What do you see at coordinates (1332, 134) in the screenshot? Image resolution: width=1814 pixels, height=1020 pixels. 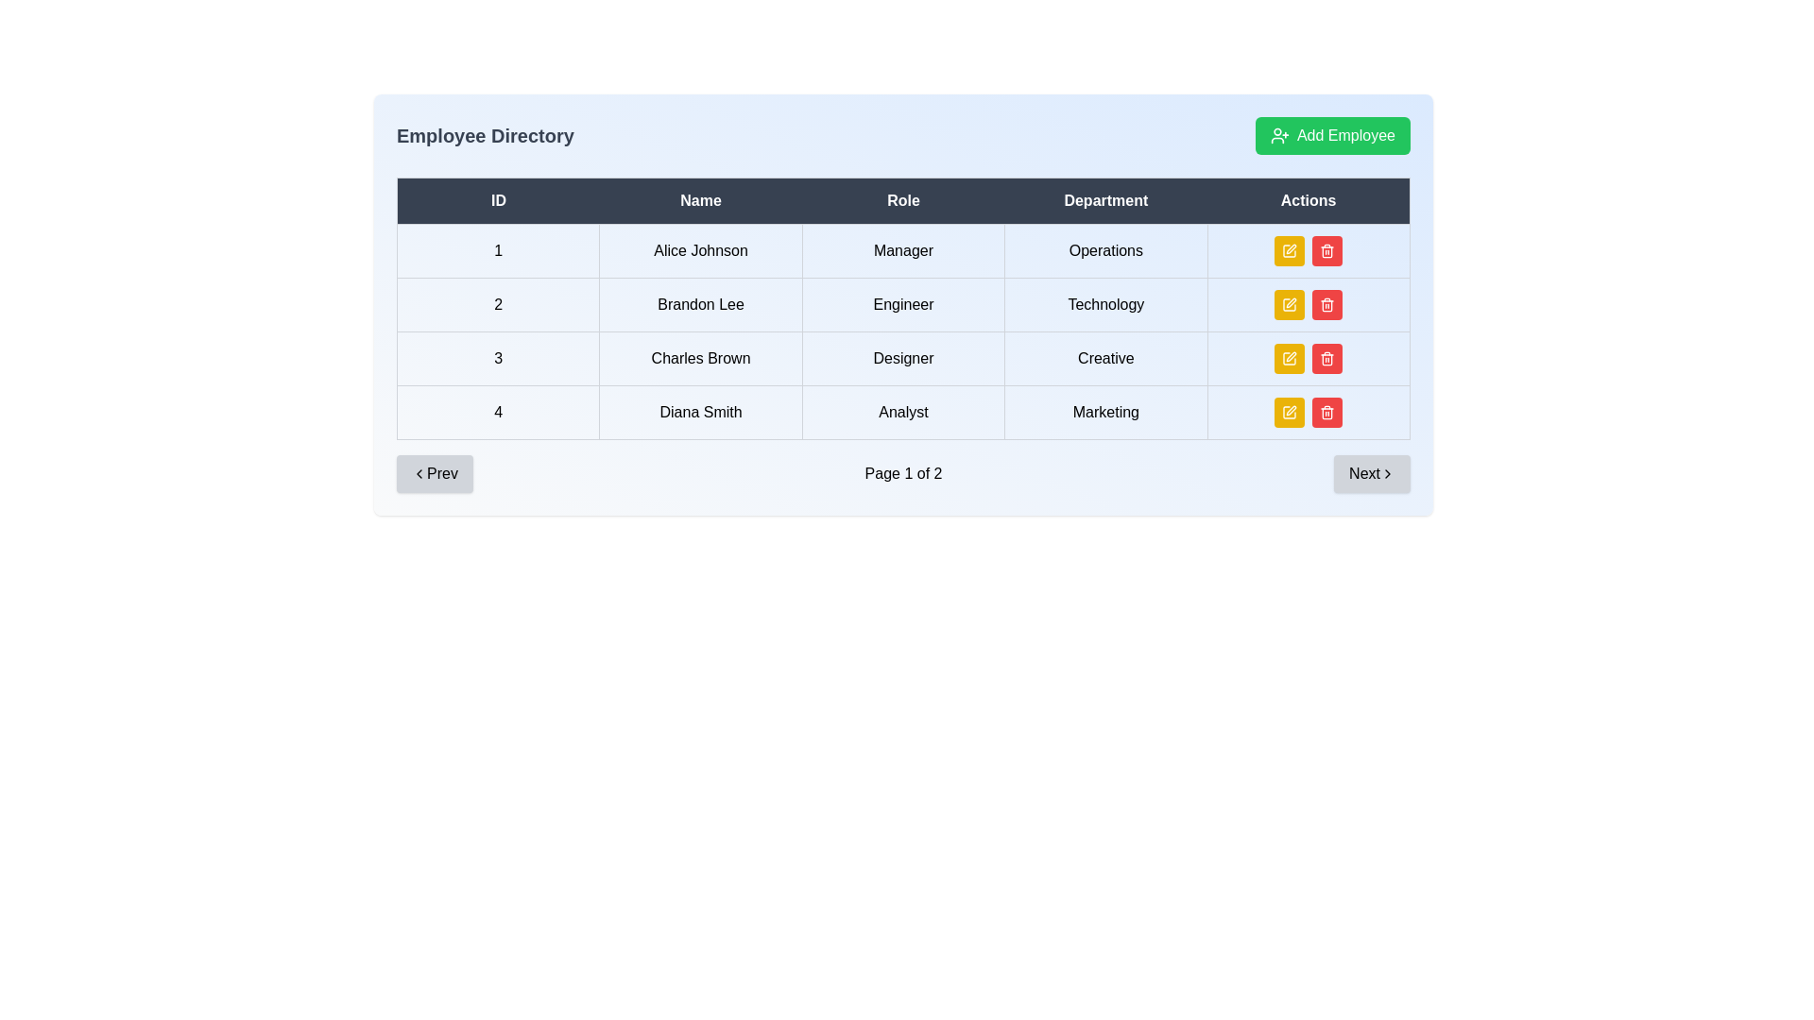 I see `the center of the 'Add Employee' button, which is a rectangular button with a green background and white text, located on the right side of the 'Employee Directory' header` at bounding box center [1332, 134].